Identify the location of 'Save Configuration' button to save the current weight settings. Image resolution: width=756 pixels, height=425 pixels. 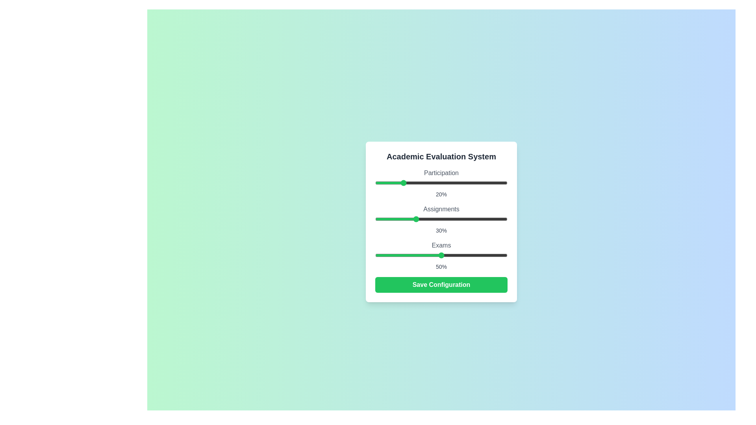
(441, 285).